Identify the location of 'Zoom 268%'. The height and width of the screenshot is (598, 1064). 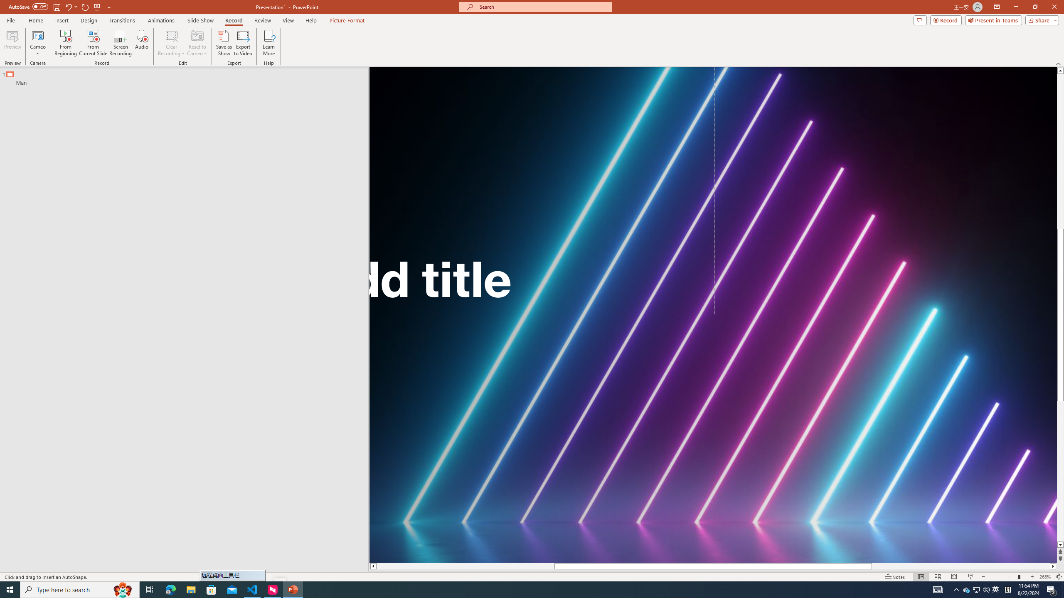
(1045, 577).